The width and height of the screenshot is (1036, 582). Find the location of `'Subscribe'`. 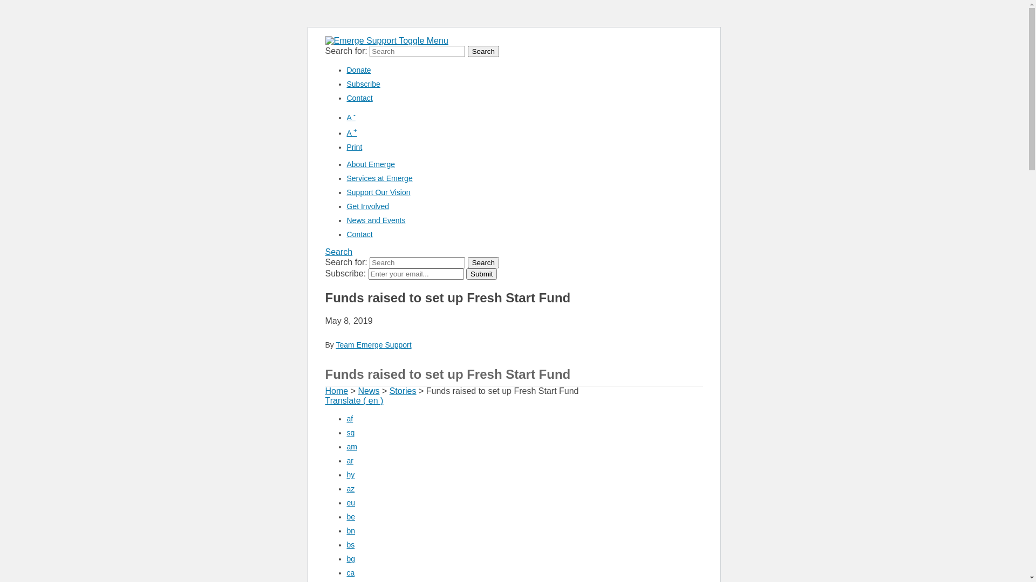

'Subscribe' is located at coordinates (363, 83).